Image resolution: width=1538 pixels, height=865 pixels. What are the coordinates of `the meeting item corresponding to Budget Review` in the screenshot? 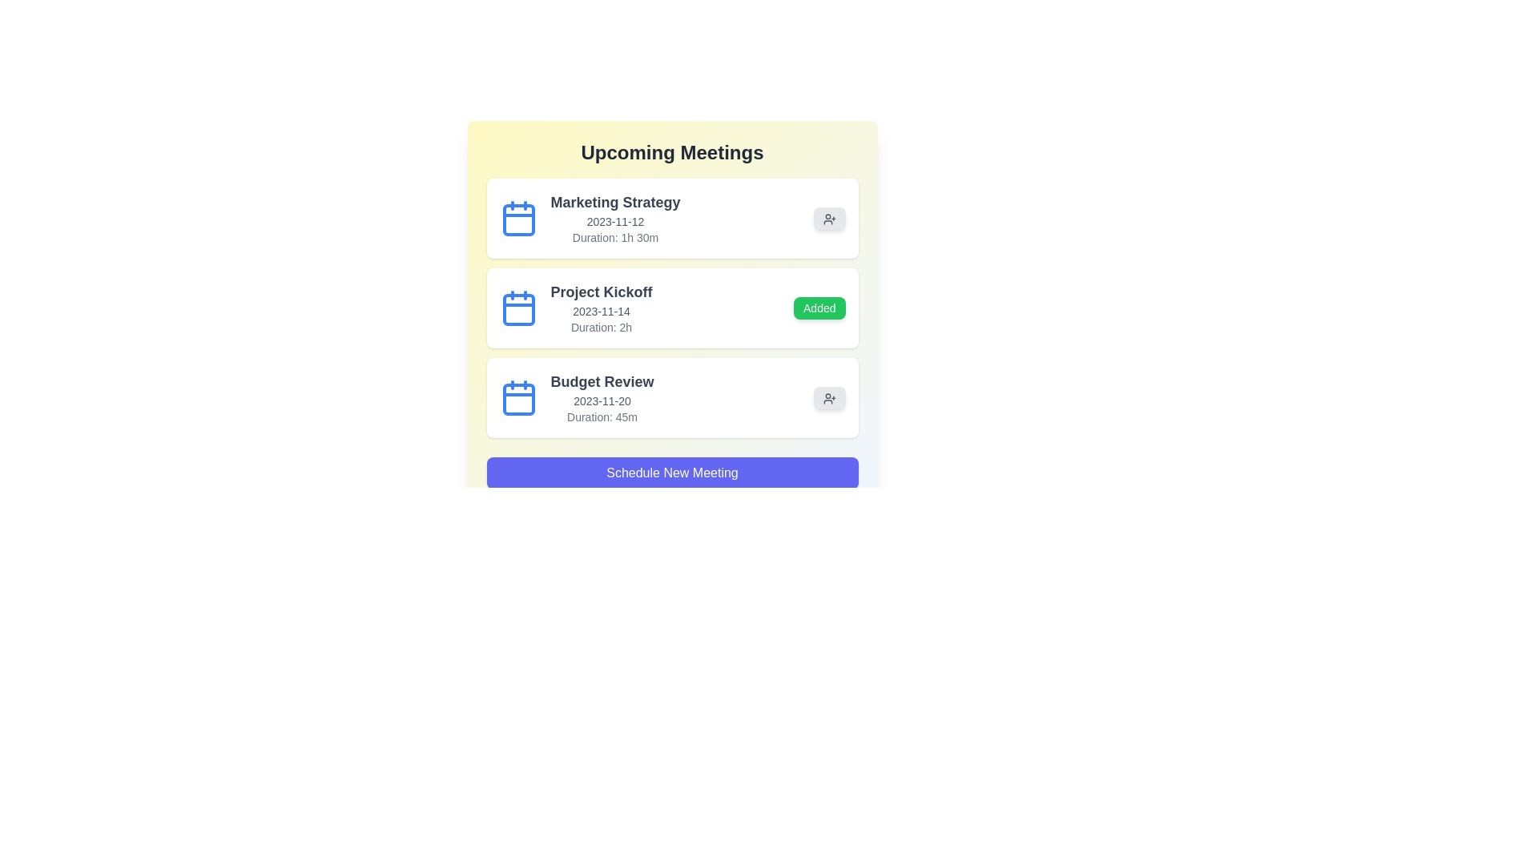 It's located at (672, 397).